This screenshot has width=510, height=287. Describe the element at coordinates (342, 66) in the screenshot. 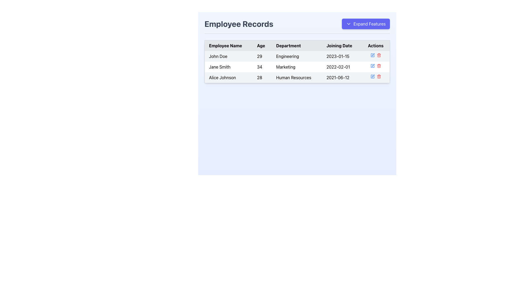

I see `the non-interactive text element displaying the joining date of employee 'Jane Smith' in the 'Employee Records' section, located in the 'Joining Date' column of the table` at that location.